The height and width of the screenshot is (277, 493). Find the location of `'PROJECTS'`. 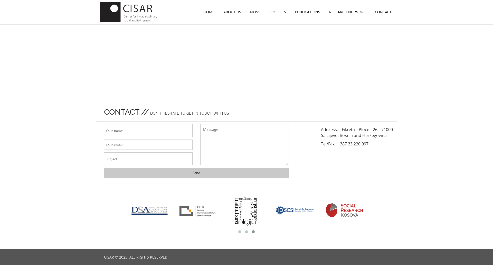

'PROJECTS' is located at coordinates (277, 12).